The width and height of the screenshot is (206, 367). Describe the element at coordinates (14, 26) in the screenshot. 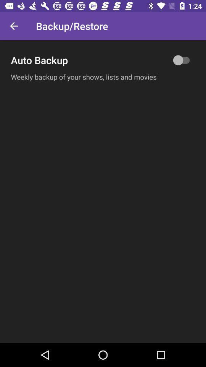

I see `icon next to backup/restore icon` at that location.